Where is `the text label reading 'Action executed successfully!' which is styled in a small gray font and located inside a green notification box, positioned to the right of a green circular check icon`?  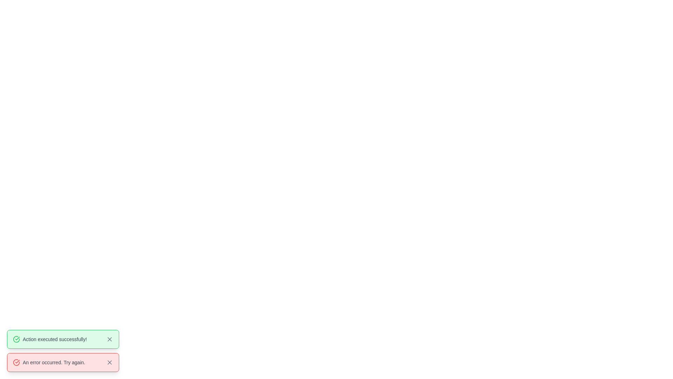
the text label reading 'Action executed successfully!' which is styled in a small gray font and located inside a green notification box, positioned to the right of a green circular check icon is located at coordinates (54, 339).